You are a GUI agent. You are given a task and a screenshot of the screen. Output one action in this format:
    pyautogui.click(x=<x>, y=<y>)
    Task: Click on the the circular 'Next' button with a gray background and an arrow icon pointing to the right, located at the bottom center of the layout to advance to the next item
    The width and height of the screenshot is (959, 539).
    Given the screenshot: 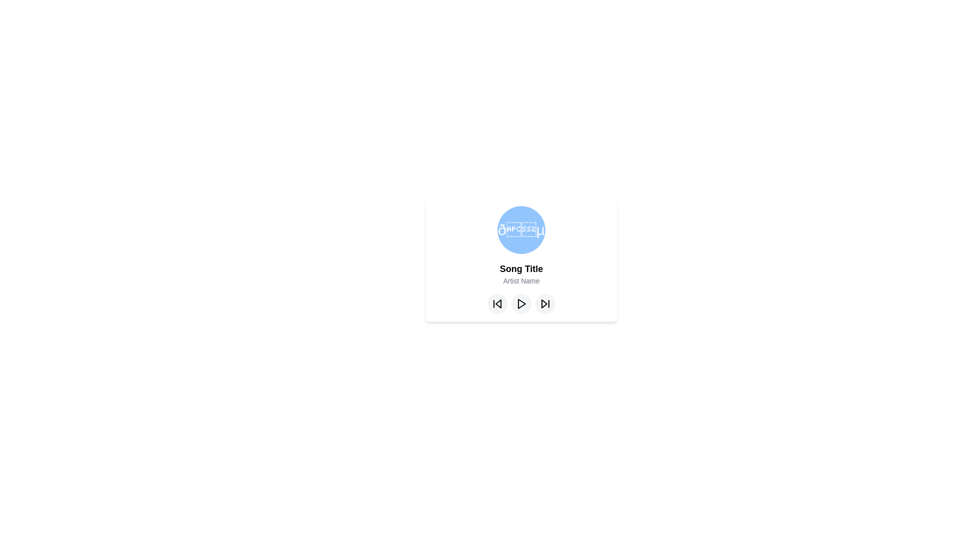 What is the action you would take?
    pyautogui.click(x=544, y=303)
    